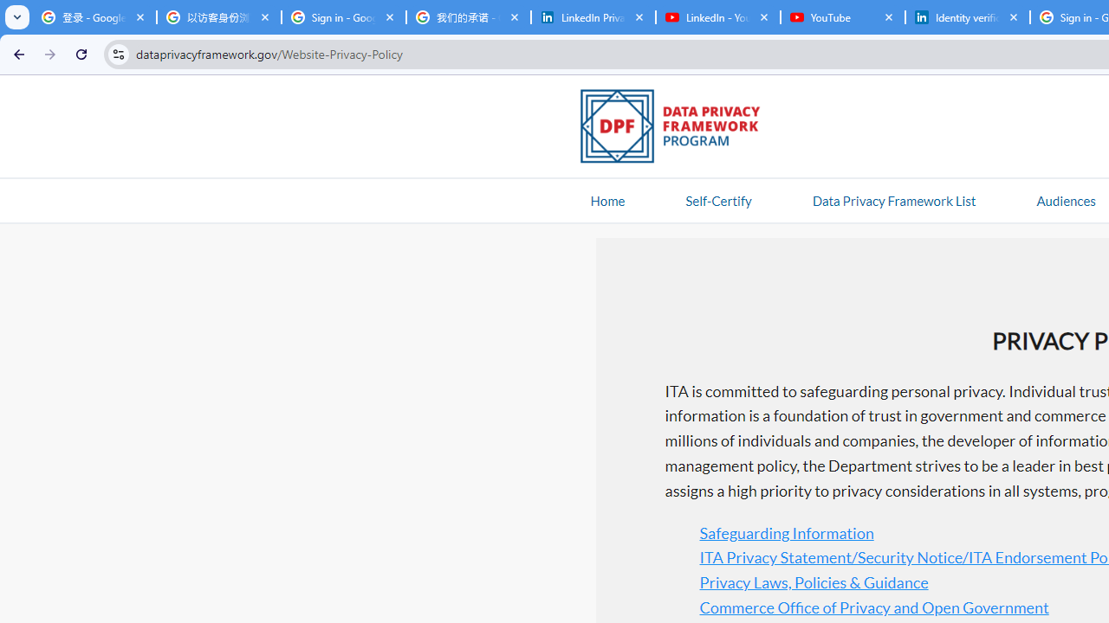 This screenshot has height=623, width=1109. Describe the element at coordinates (717, 17) in the screenshot. I see `'LinkedIn - YouTube'` at that location.